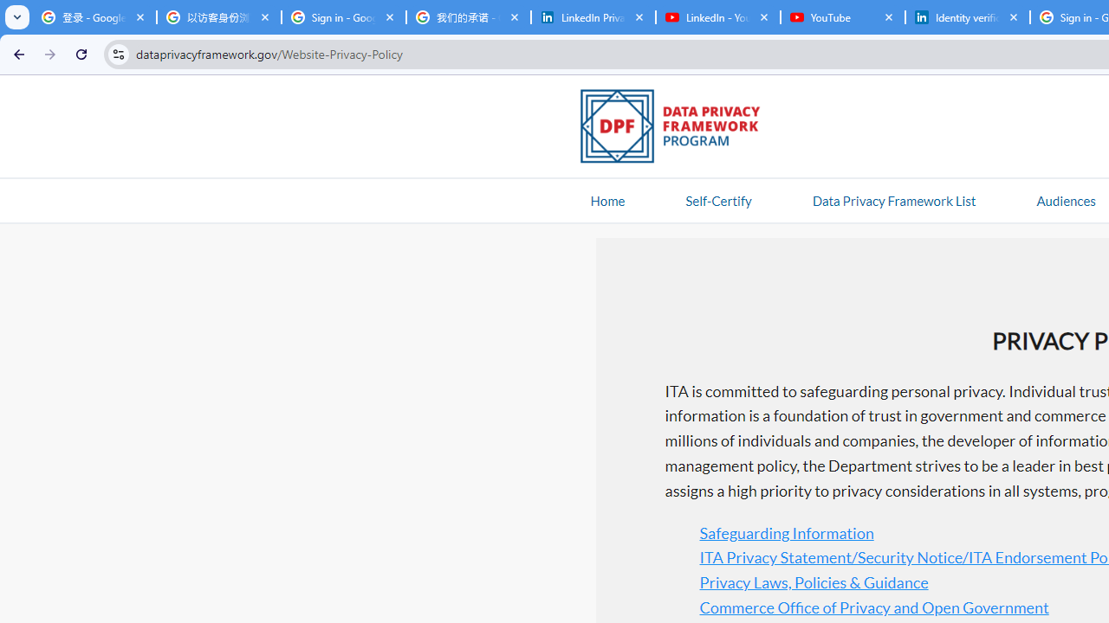 This screenshot has height=623, width=1109. Describe the element at coordinates (717, 17) in the screenshot. I see `'LinkedIn - YouTube'` at that location.